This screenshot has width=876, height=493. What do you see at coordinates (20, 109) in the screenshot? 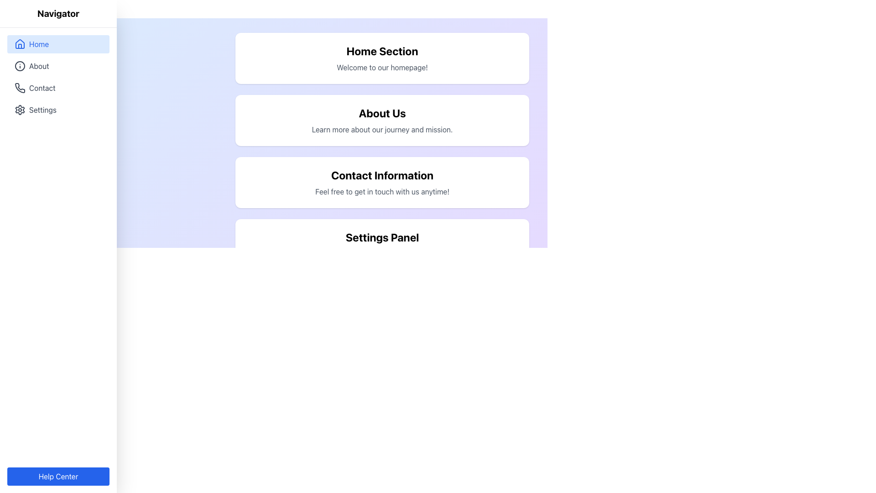
I see `the gear icon indicating settings functionality, located near the 'Settings' label` at bounding box center [20, 109].